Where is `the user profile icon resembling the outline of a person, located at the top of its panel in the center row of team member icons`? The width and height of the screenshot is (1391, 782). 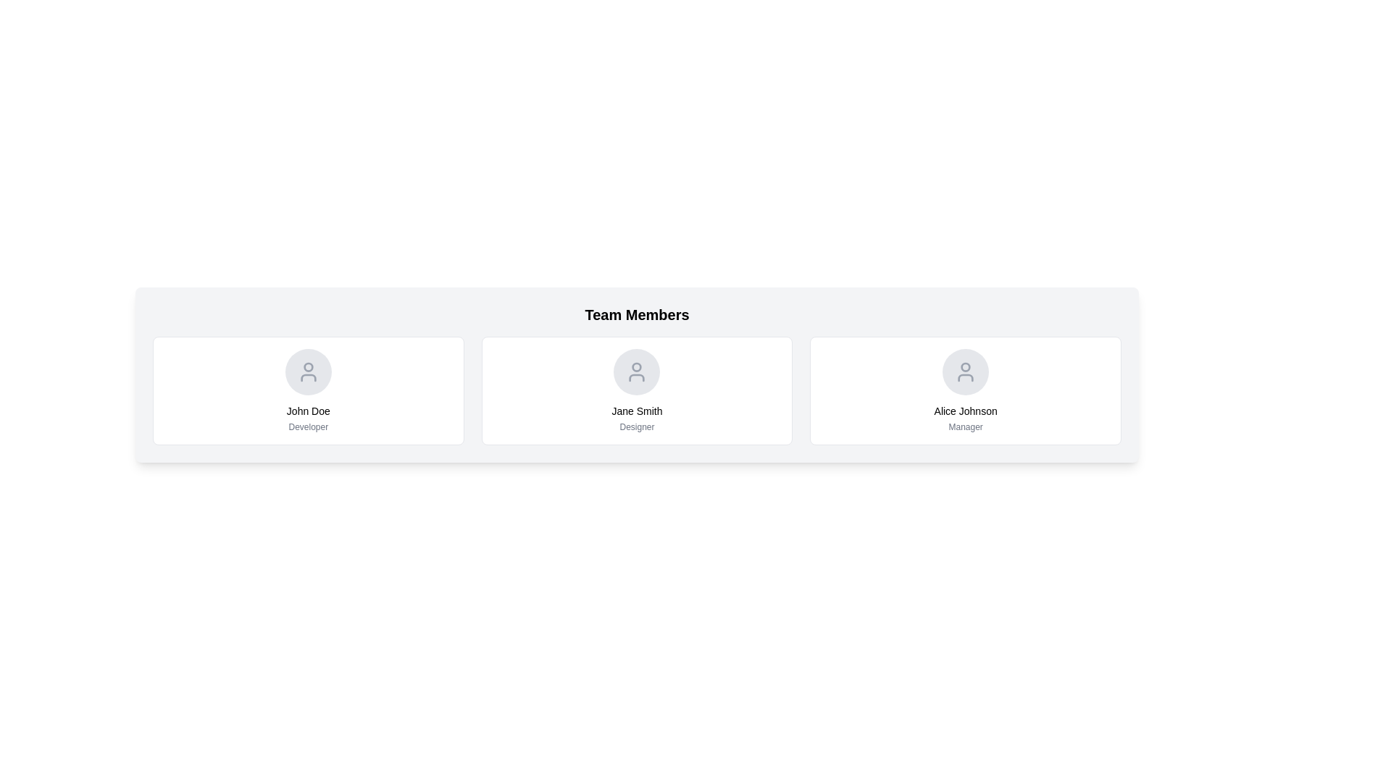
the user profile icon resembling the outline of a person, located at the top of its panel in the center row of team member icons is located at coordinates (637, 371).